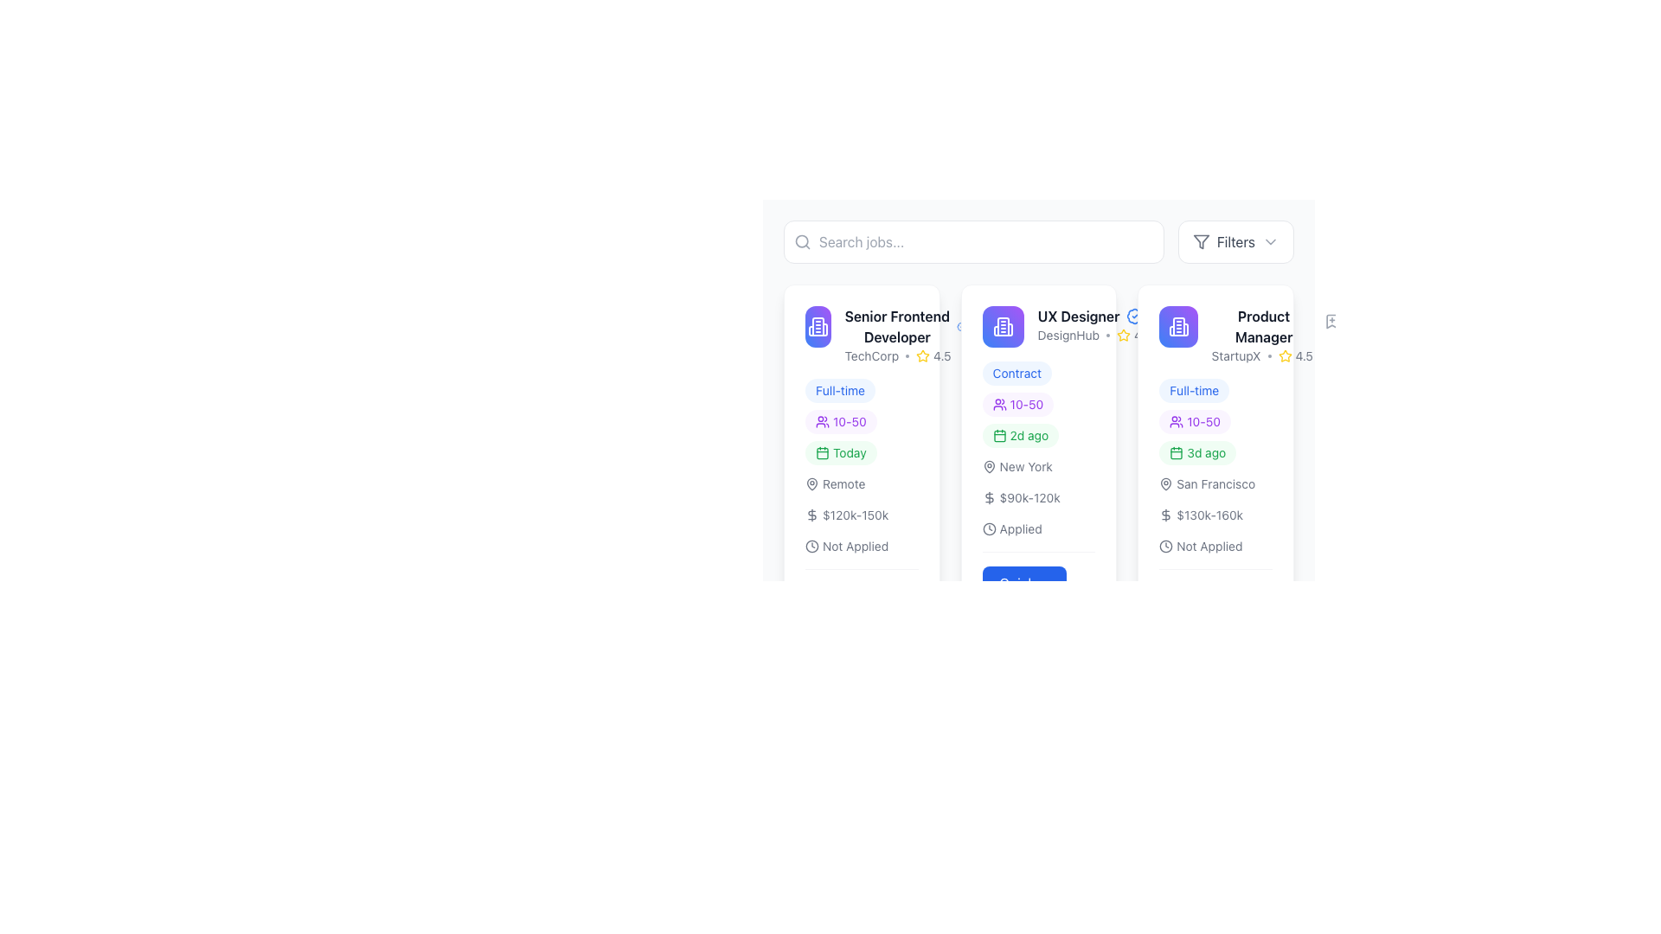 The image size is (1661, 934). I want to click on the informational badge indicating the job posting date for the 'Senior Frontend Developer' role, which is the third badge under the role title and company, so click(841, 452).